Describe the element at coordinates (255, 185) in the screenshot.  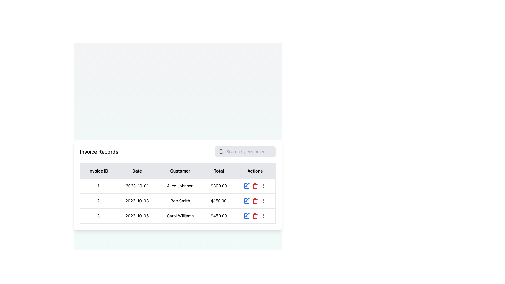
I see `the trash can icon button in the 'Actions' column of the last row to trigger the hover effect, which enlarges the icon slightly` at that location.